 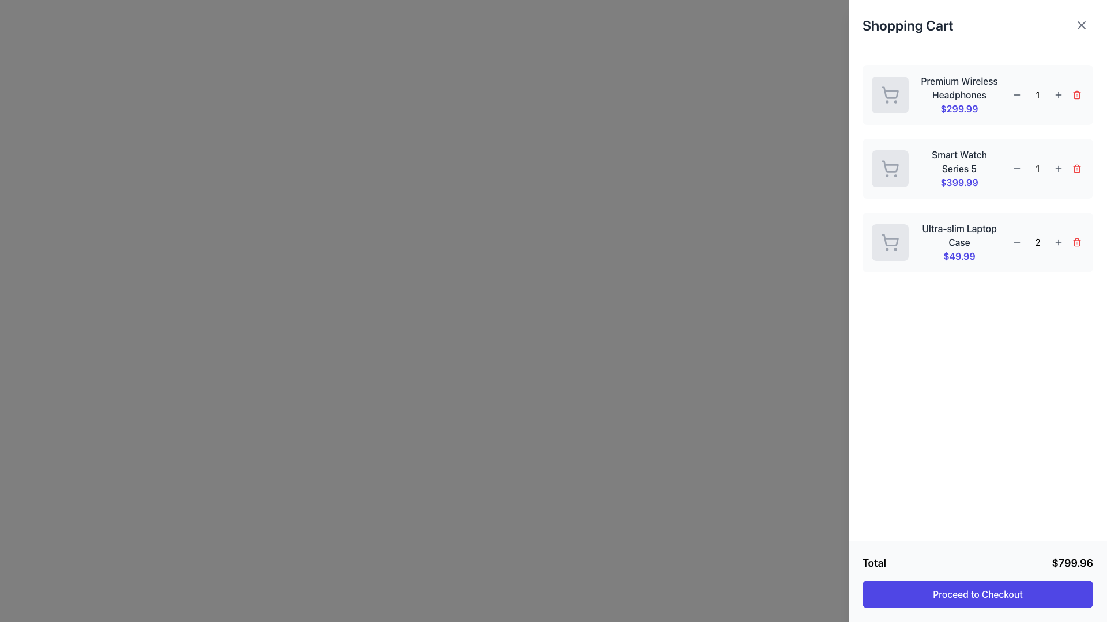 What do you see at coordinates (1076, 94) in the screenshot?
I see `the trash can icon button with a red border` at bounding box center [1076, 94].